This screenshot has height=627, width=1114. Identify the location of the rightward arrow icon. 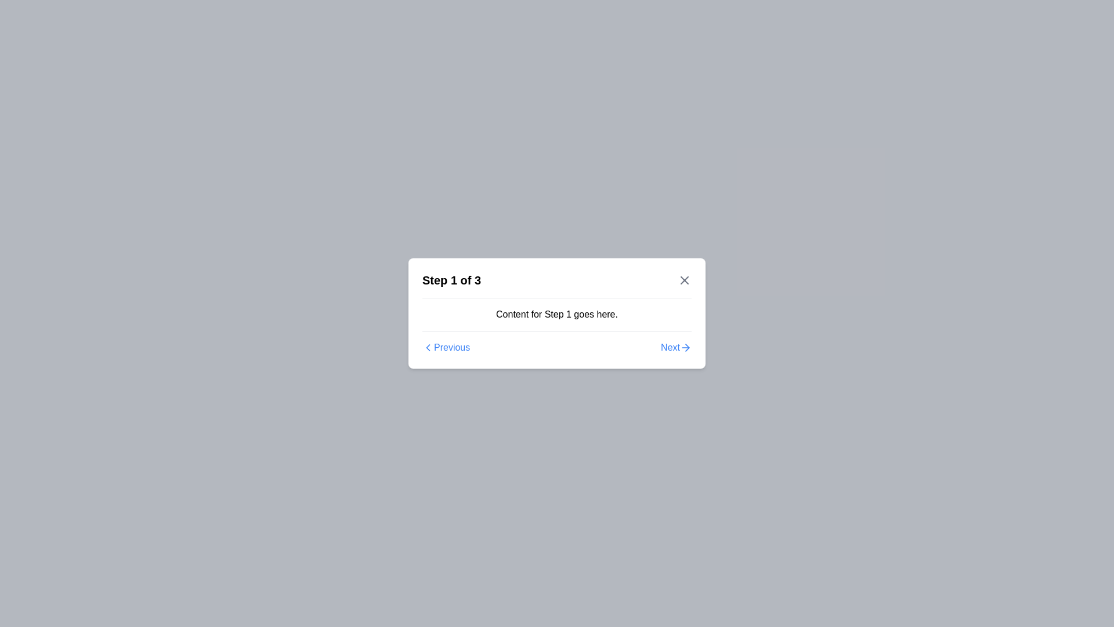
(685, 347).